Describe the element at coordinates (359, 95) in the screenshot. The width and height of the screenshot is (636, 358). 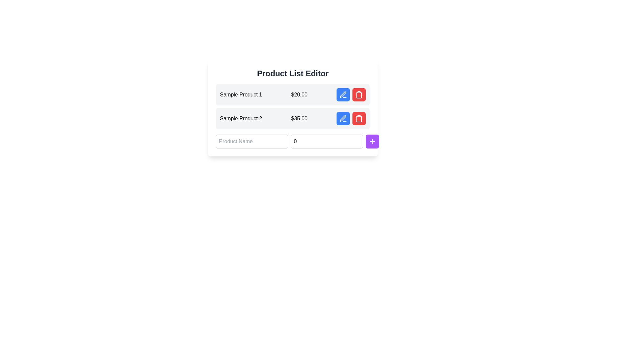
I see `the trash bin icon, which represents the delete function for the associated product entry, located towards the right end of the product entry row` at that location.